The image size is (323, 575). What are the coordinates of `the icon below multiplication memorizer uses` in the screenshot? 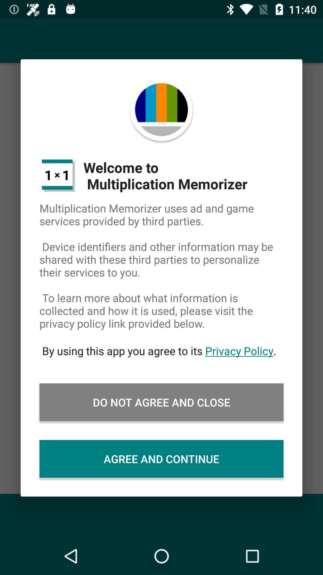 It's located at (161, 351).